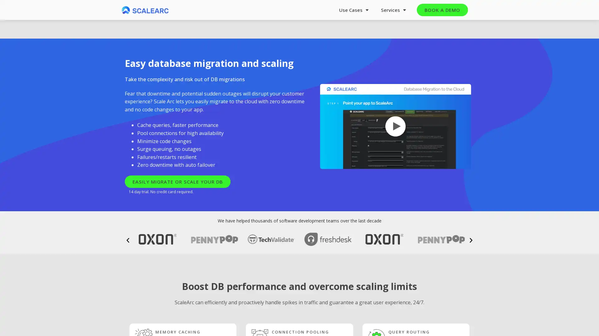 This screenshot has width=599, height=336. I want to click on EASILY MIGRATE OR SCALE YOUR DB, so click(177, 181).